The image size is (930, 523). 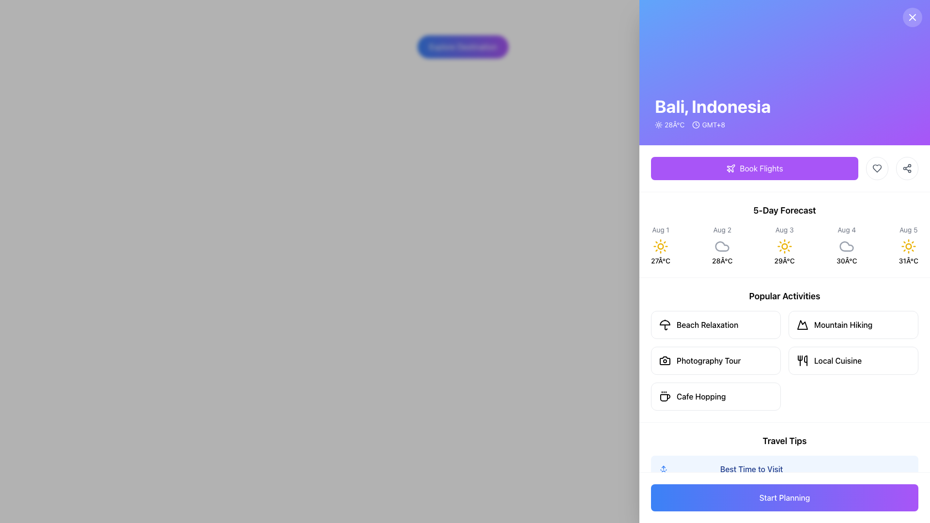 I want to click on the circular 'share' button located at the far right of the top bar, next to the heart-shaped icon, to share content, so click(x=906, y=168).